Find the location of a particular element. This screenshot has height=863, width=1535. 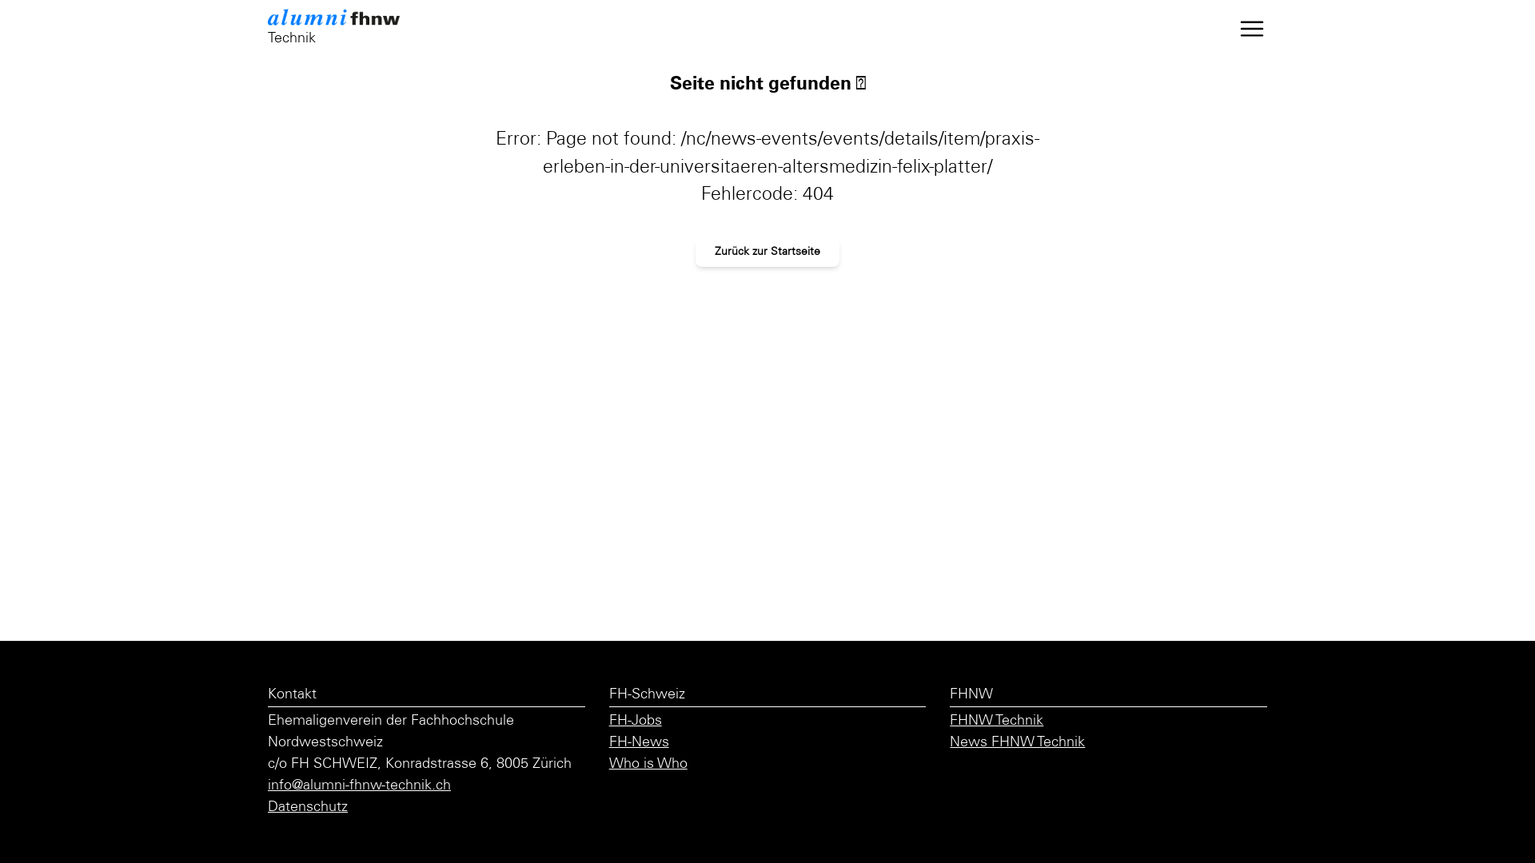

'Who is Who' is located at coordinates (648, 763).